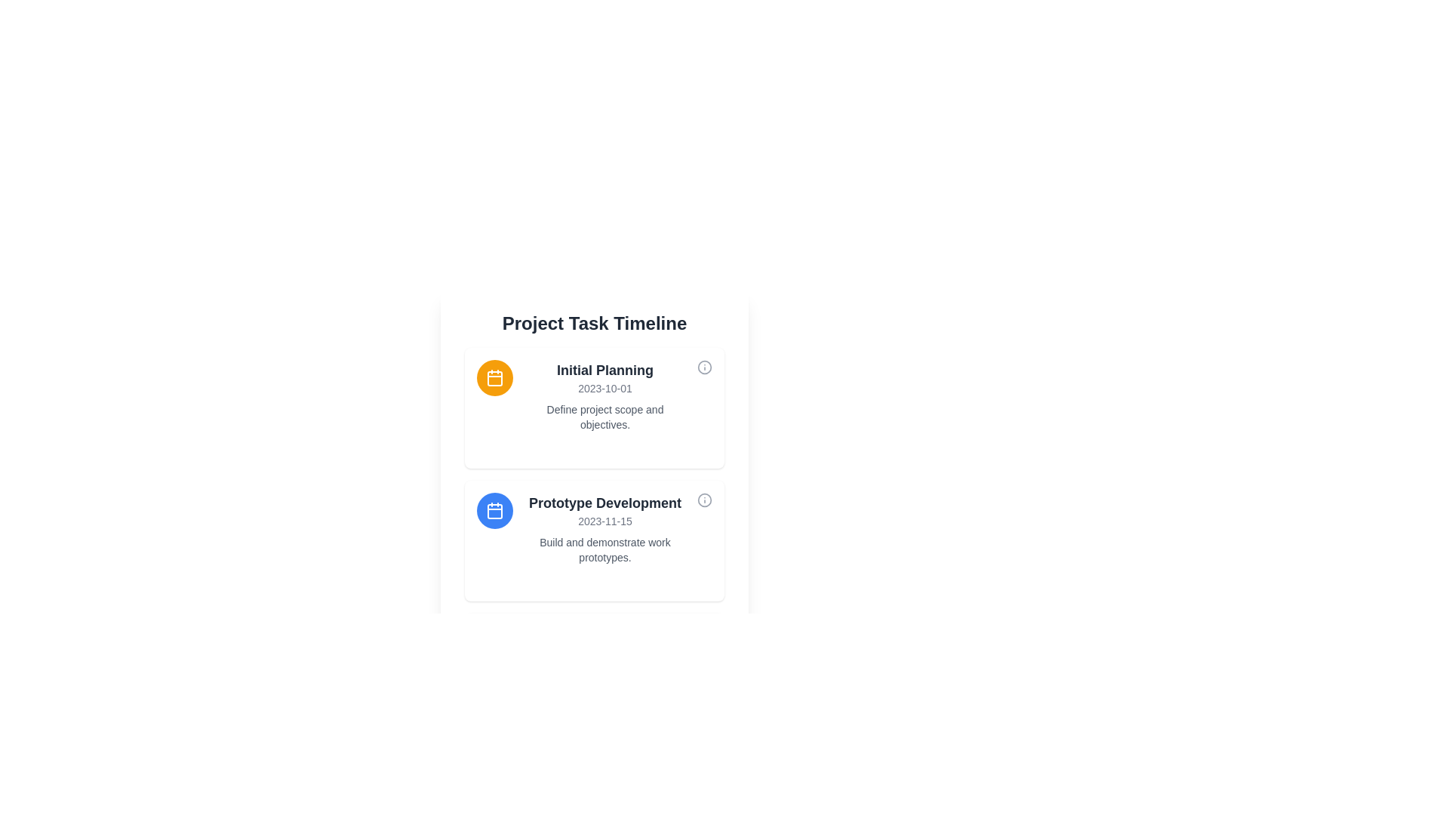 The height and width of the screenshot is (815, 1449). Describe the element at coordinates (495, 377) in the screenshot. I see `the calendar icon with a bright orange background located at the top-left corner of the 'Initial Planning' task card in the 'Project Task Timeline' list` at that location.